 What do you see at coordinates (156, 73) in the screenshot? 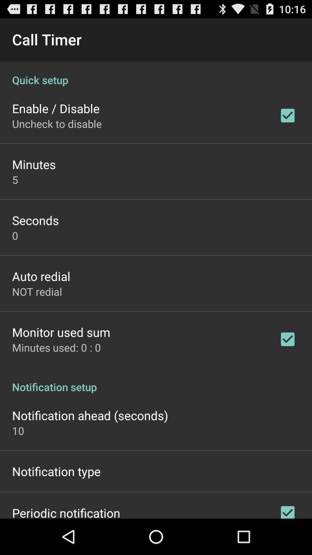
I see `icon below the call timer app` at bounding box center [156, 73].